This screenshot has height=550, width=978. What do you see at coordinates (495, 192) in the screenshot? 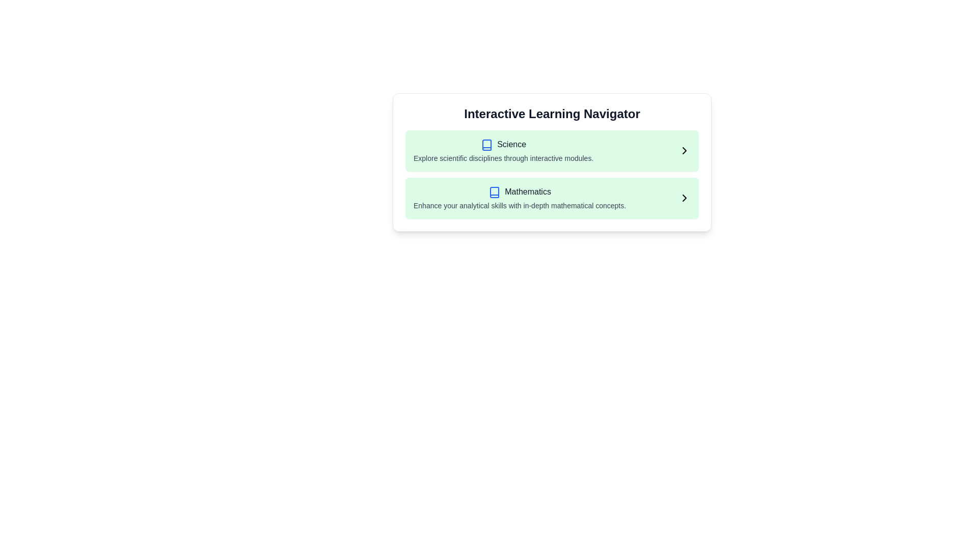
I see `the Mathematics icon (SVG) located to the left of the 'Mathematics' text label in the second row of the menu panel` at bounding box center [495, 192].